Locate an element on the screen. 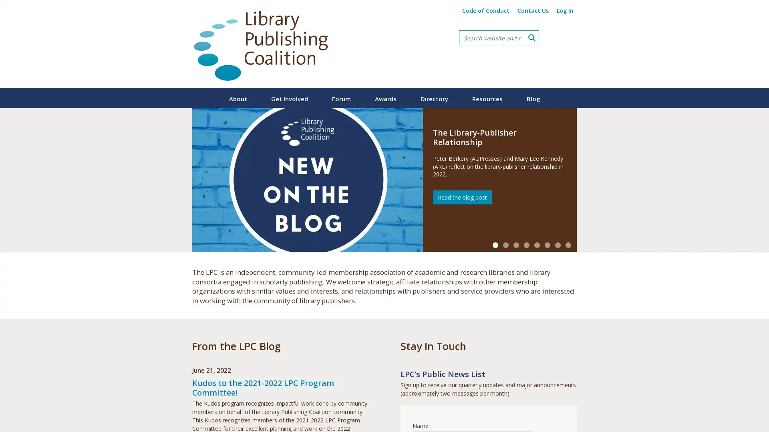 Image resolution: width=769 pixels, height=432 pixels. Go to slide 6 is located at coordinates (547, 245).